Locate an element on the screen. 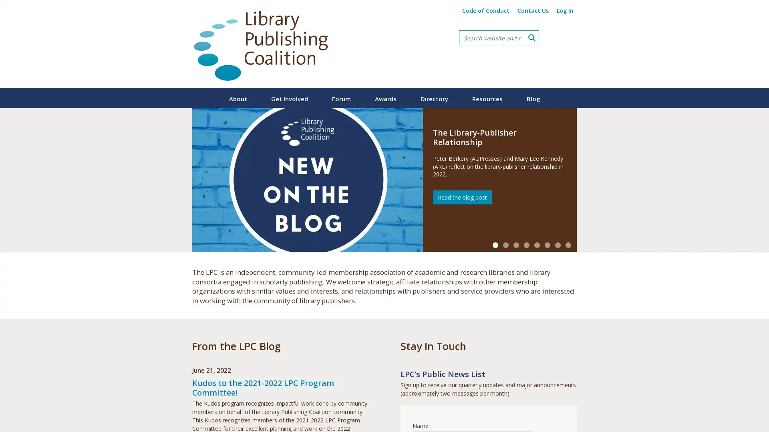 Image resolution: width=769 pixels, height=432 pixels. Go to slide 6 is located at coordinates (547, 245).